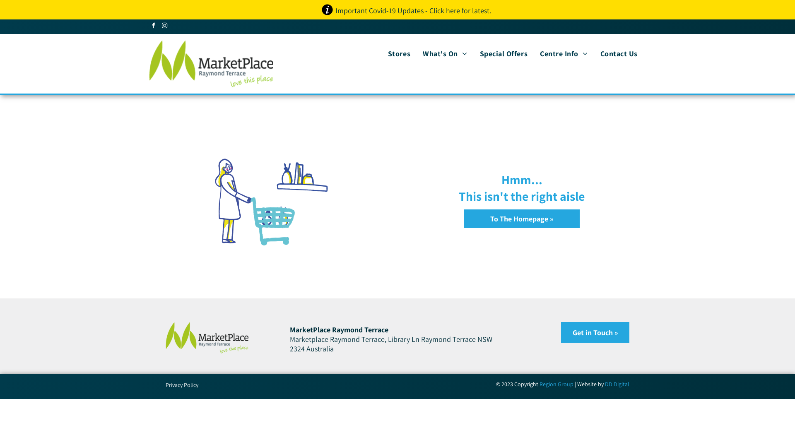 This screenshot has width=795, height=447. I want to click on 'DD Digital', so click(617, 384).